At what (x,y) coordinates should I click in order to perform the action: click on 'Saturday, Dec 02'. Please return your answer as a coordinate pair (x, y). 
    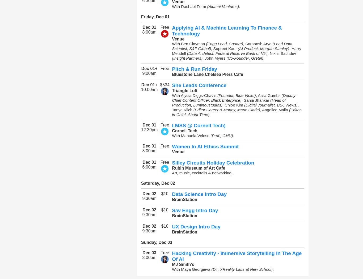
    Looking at the image, I should click on (158, 183).